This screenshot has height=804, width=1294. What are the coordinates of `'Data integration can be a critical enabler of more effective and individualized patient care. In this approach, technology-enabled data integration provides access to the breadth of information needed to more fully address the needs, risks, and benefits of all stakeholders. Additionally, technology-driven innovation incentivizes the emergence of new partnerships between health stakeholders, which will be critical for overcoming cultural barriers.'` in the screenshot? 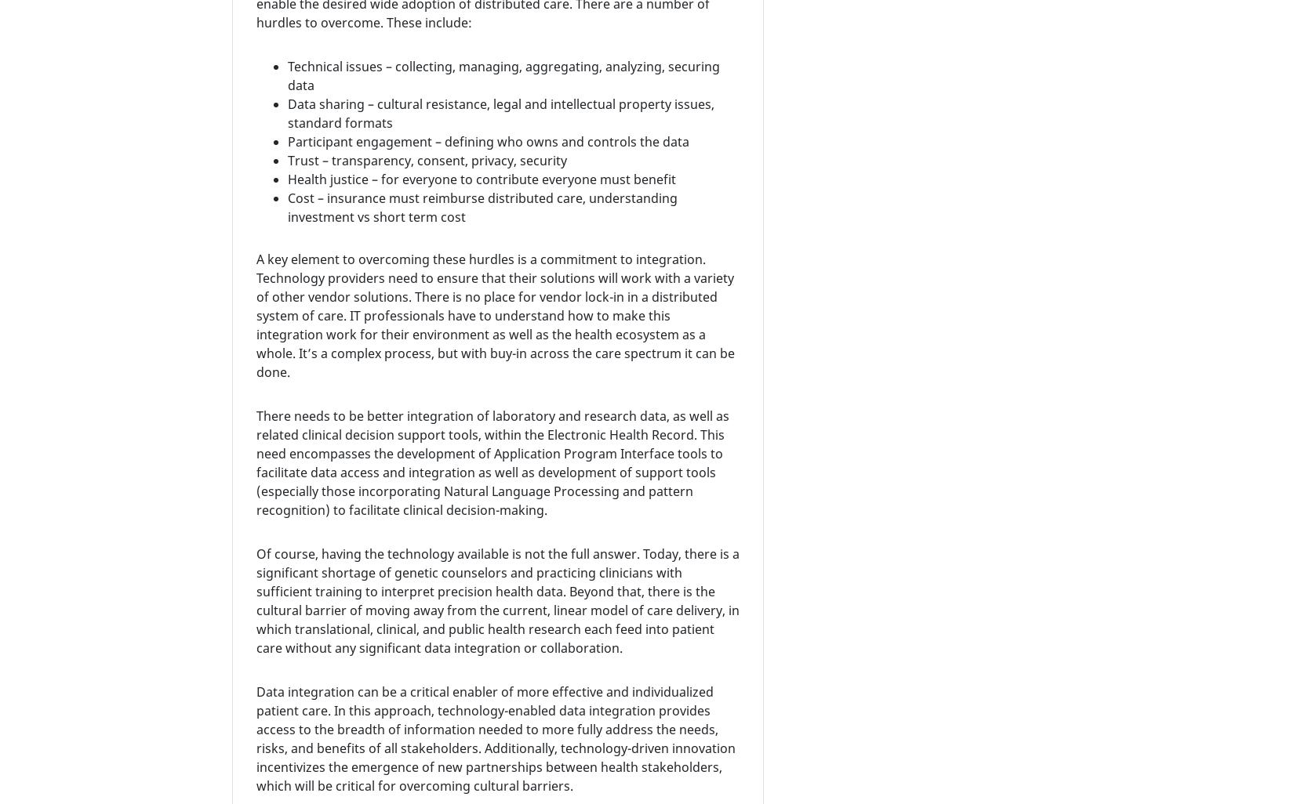 It's located at (494, 737).